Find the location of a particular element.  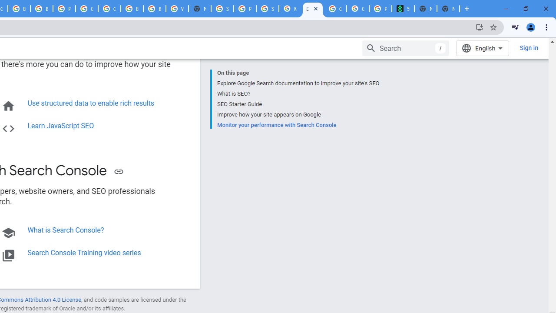

'Monitor your performance with Search Console' is located at coordinates (298, 124).